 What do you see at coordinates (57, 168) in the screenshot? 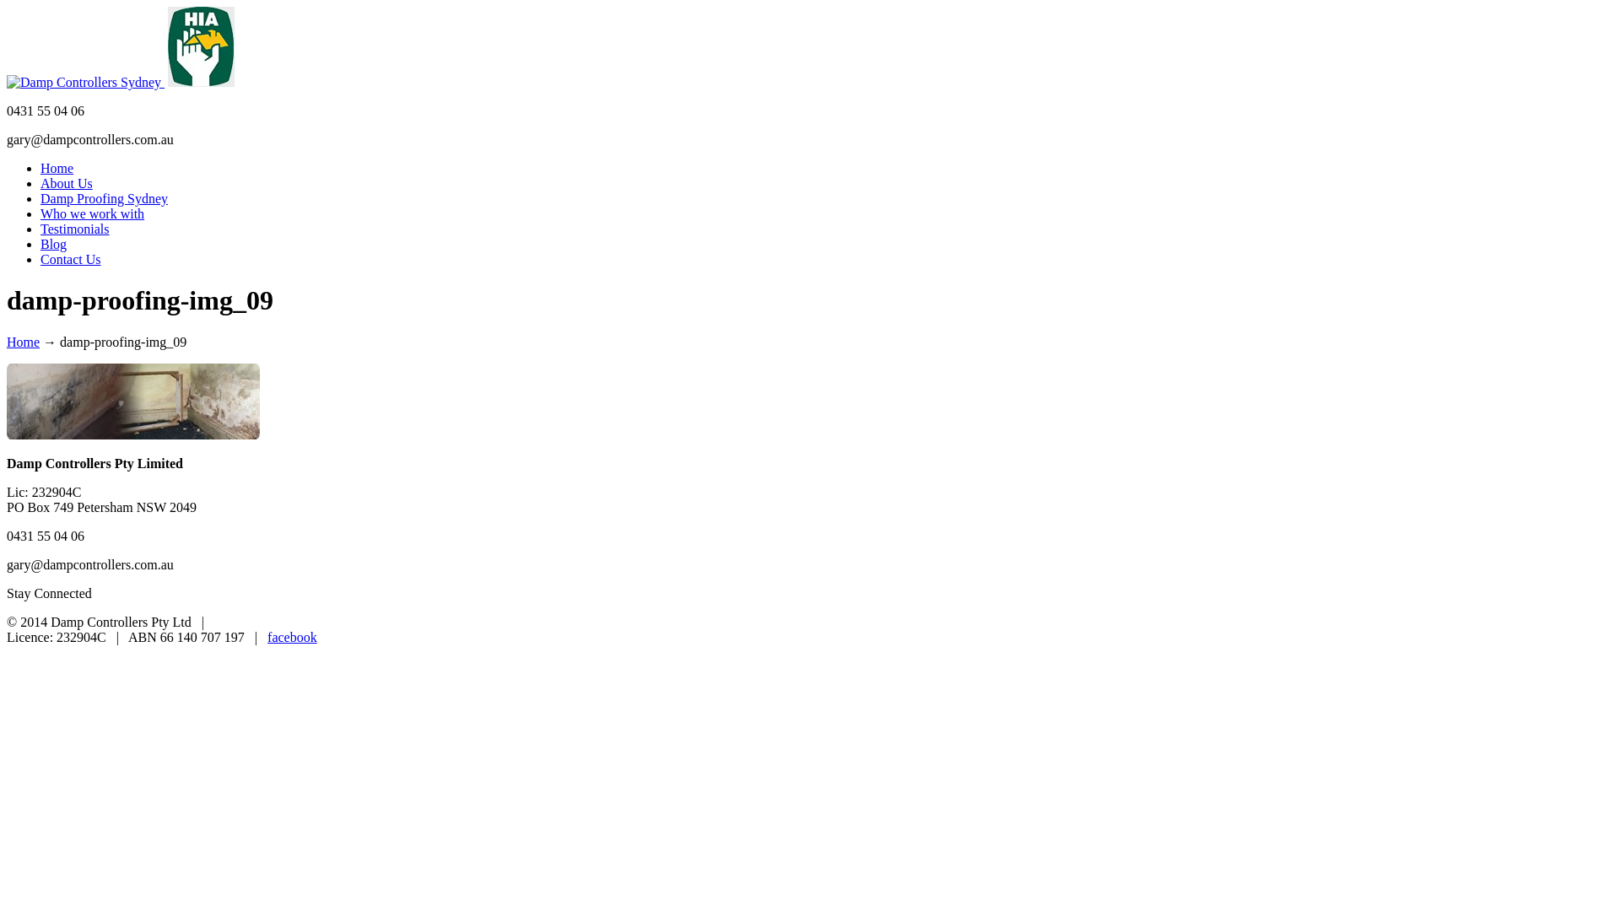
I see `'Home'` at bounding box center [57, 168].